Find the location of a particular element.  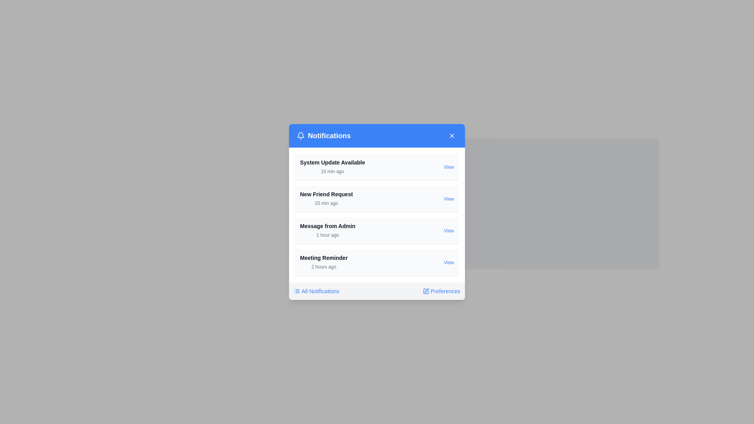

the 'View' hyperlink styled in blue, located within the 'New Friend Request' notification card is located at coordinates (449, 198).